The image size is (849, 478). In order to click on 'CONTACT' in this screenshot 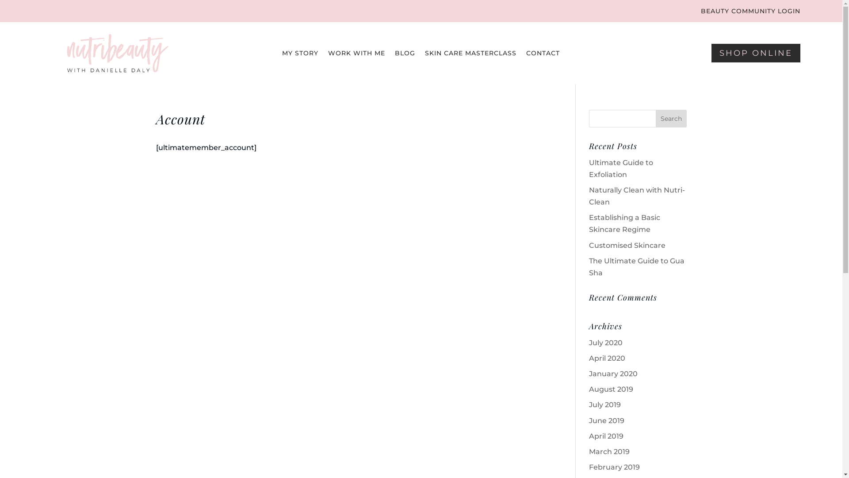, I will do `click(543, 54)`.